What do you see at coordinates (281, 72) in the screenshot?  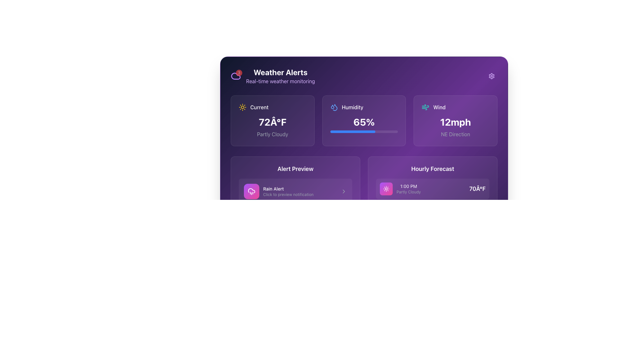 I see `the 'Weather Alerts' text label, which is styled in bold white font against a purple background, indicating its prominence within the interface` at bounding box center [281, 72].